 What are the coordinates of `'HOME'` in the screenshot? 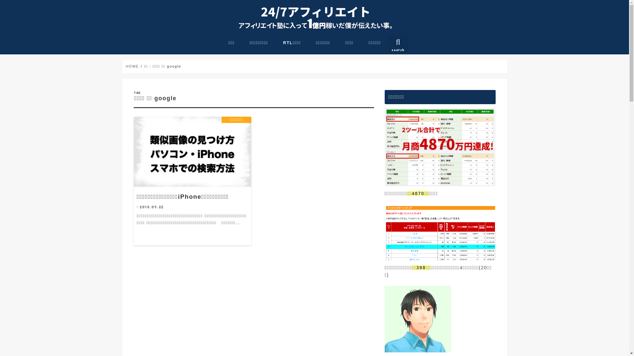 It's located at (132, 66).